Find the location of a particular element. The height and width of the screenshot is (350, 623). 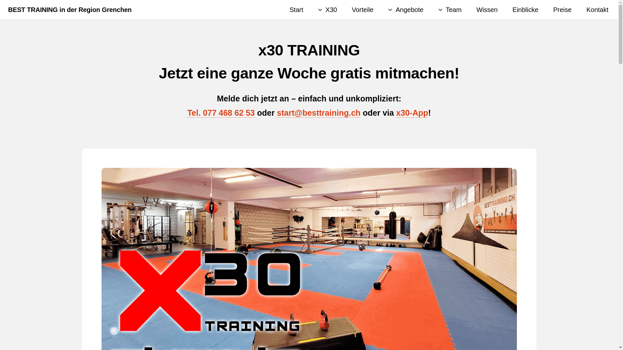

'x30-App' is located at coordinates (412, 112).